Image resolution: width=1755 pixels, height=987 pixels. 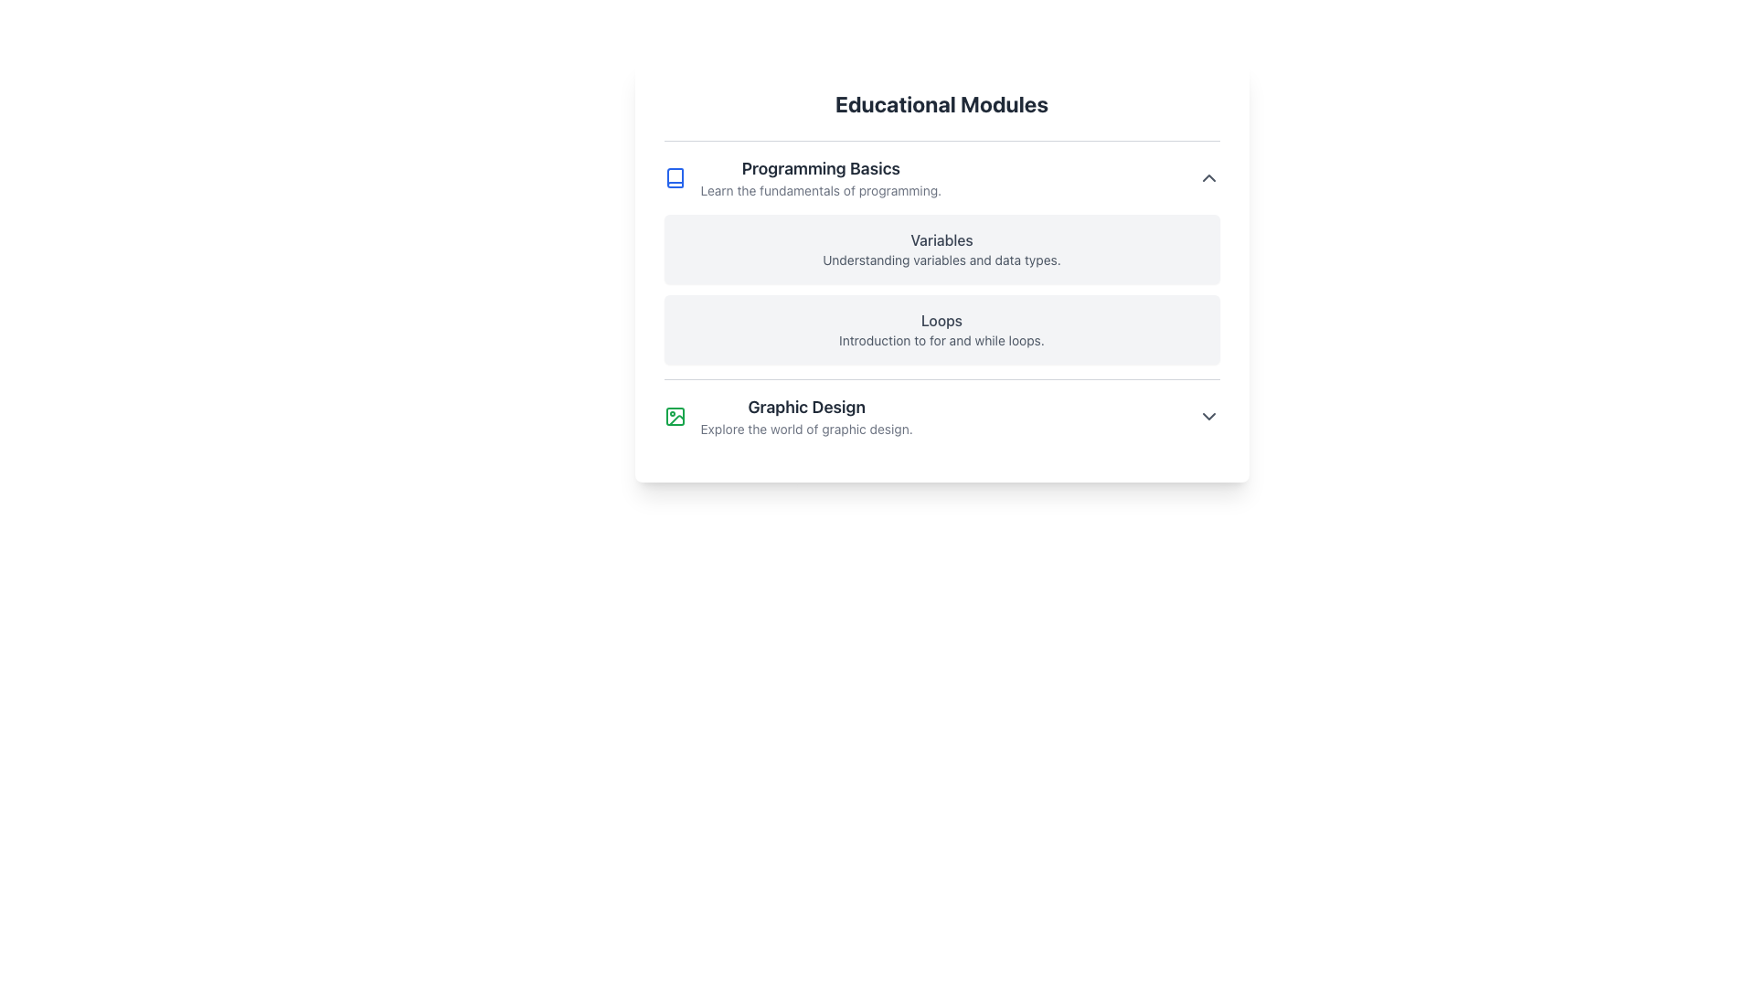 What do you see at coordinates (941, 178) in the screenshot?
I see `title 'Programming Basics' and subtitle 'Learn the fundamentals of programming.' from the first Expandable List Item in the educational modules list` at bounding box center [941, 178].